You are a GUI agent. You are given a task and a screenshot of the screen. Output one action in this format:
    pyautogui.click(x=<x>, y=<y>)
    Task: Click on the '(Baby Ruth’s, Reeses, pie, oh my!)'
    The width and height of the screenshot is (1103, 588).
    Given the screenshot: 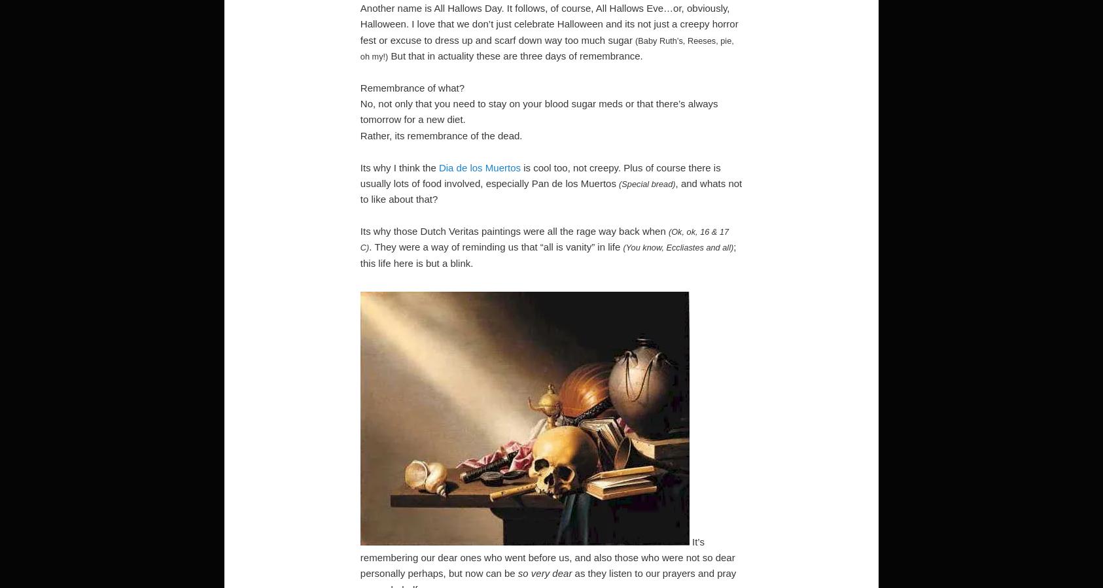 What is the action you would take?
    pyautogui.click(x=546, y=47)
    